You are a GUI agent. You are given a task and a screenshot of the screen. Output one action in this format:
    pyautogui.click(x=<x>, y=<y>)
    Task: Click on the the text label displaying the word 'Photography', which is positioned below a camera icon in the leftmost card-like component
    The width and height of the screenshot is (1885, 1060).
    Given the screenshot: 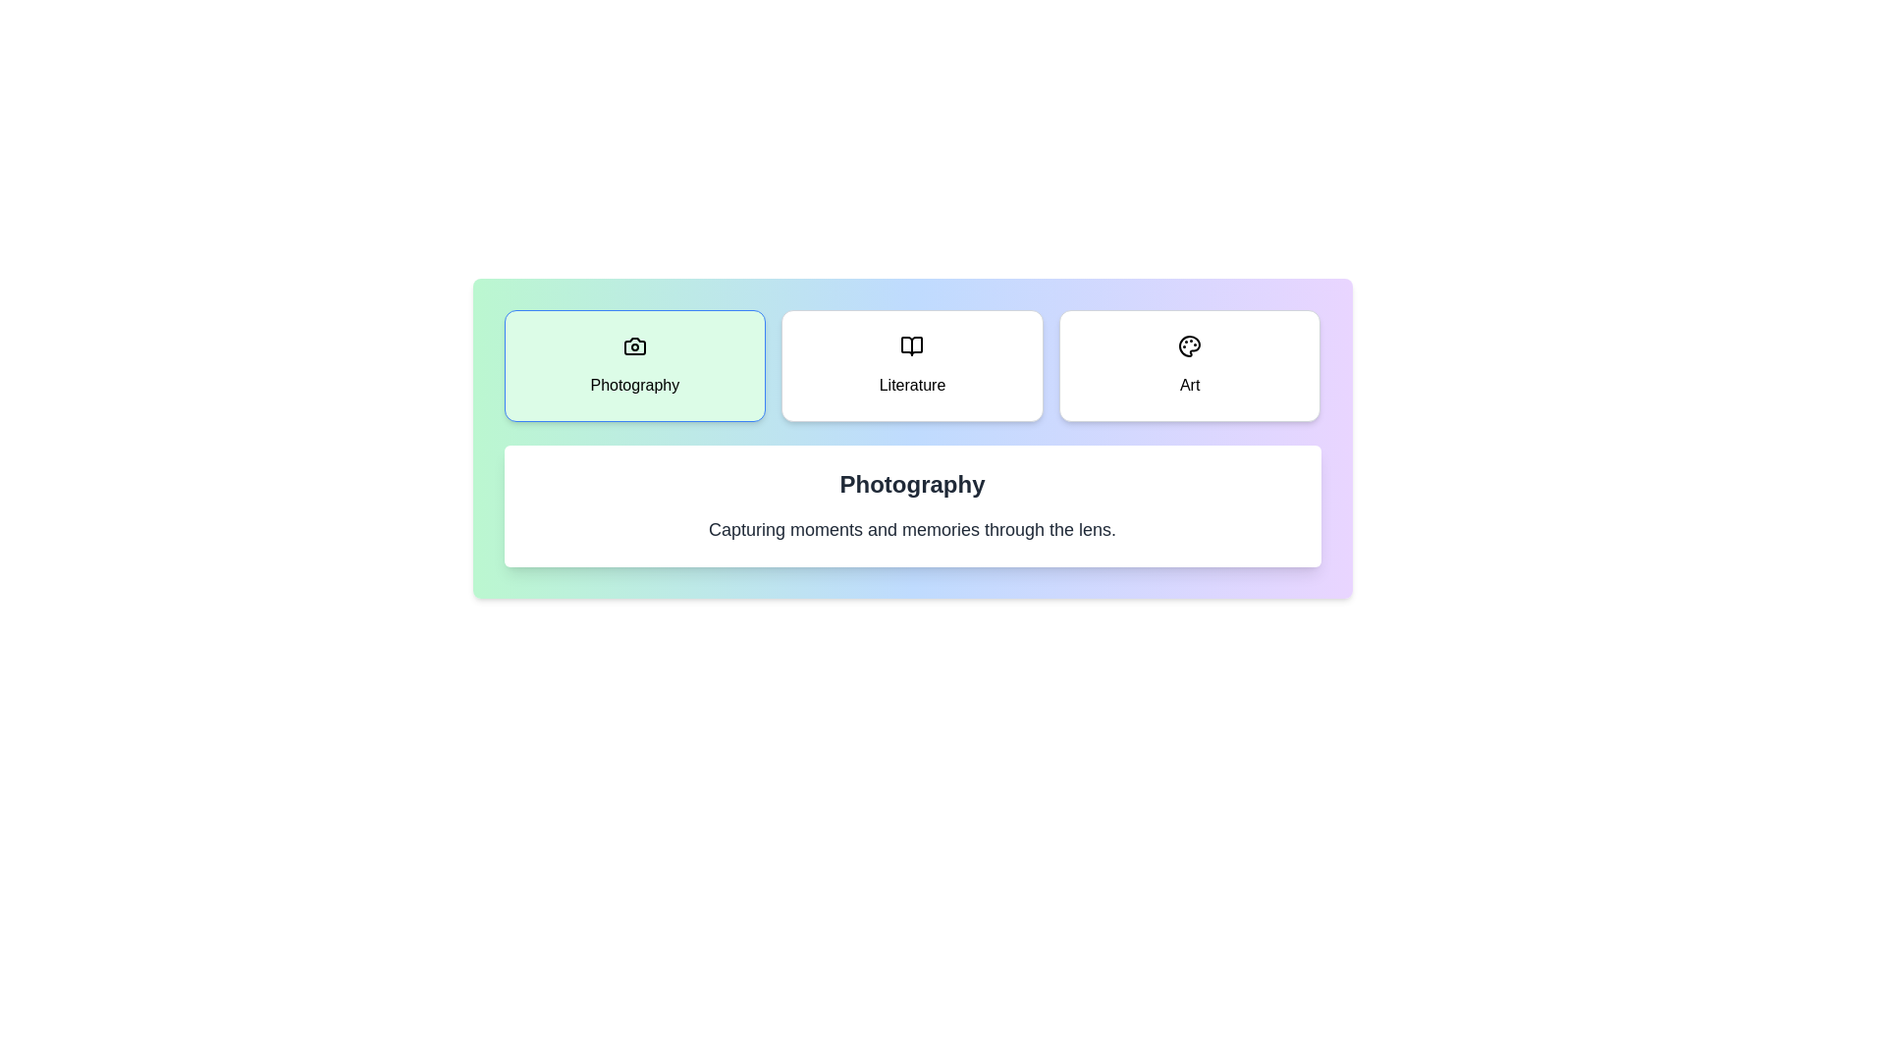 What is the action you would take?
    pyautogui.click(x=634, y=386)
    